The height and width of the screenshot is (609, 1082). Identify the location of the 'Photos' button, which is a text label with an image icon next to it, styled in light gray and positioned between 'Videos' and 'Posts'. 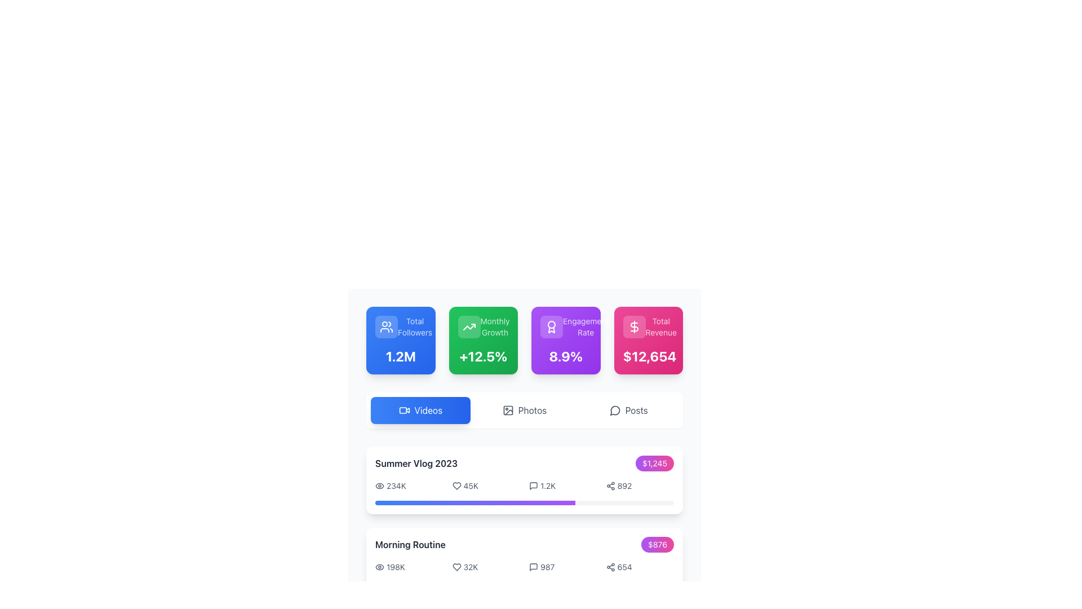
(524, 411).